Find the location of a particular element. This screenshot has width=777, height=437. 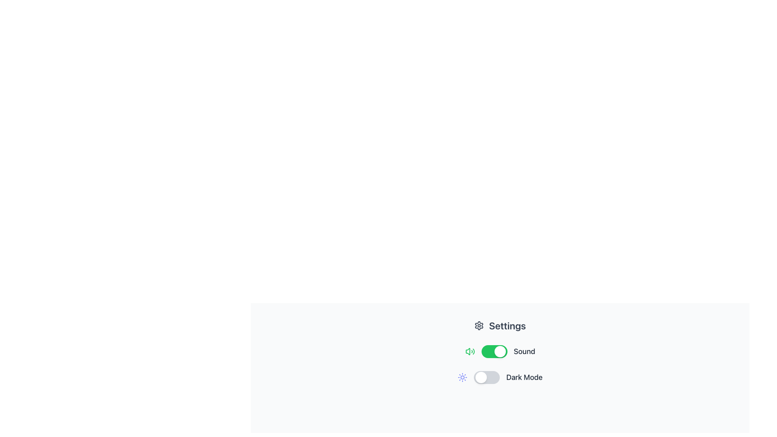

the 'Settings' header which is prominently displayed at the top of its section, featuring bold, large text and a gear icon to the left is located at coordinates (500, 325).